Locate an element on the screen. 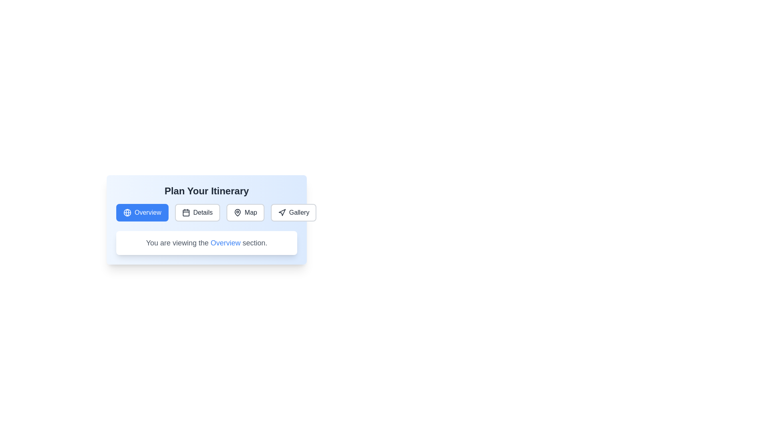 The height and width of the screenshot is (431, 767). the 'Details' button, which contains the calendar icon, located under the 'Plan Your Itinerary' section is located at coordinates (185, 212).